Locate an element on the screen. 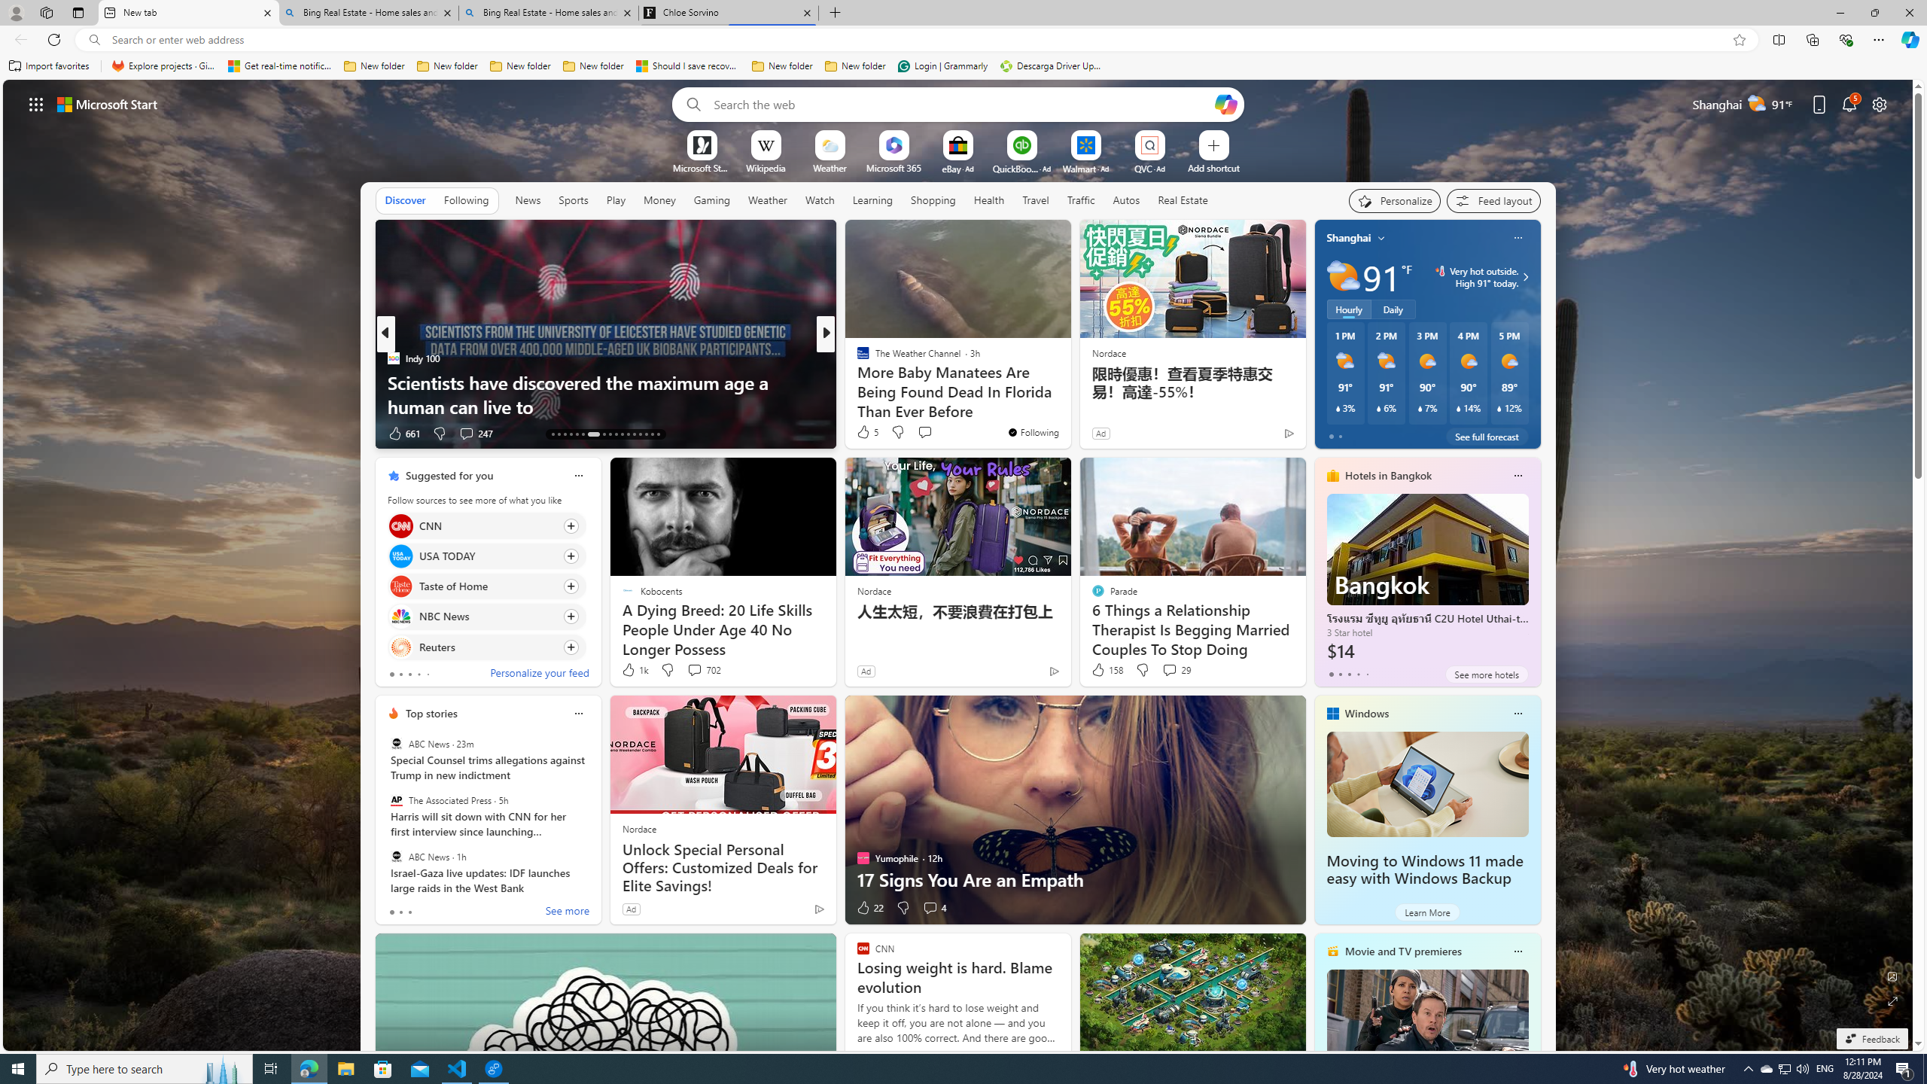 The width and height of the screenshot is (1927, 1084). '12 YouTube Features You' is located at coordinates (1067, 394).